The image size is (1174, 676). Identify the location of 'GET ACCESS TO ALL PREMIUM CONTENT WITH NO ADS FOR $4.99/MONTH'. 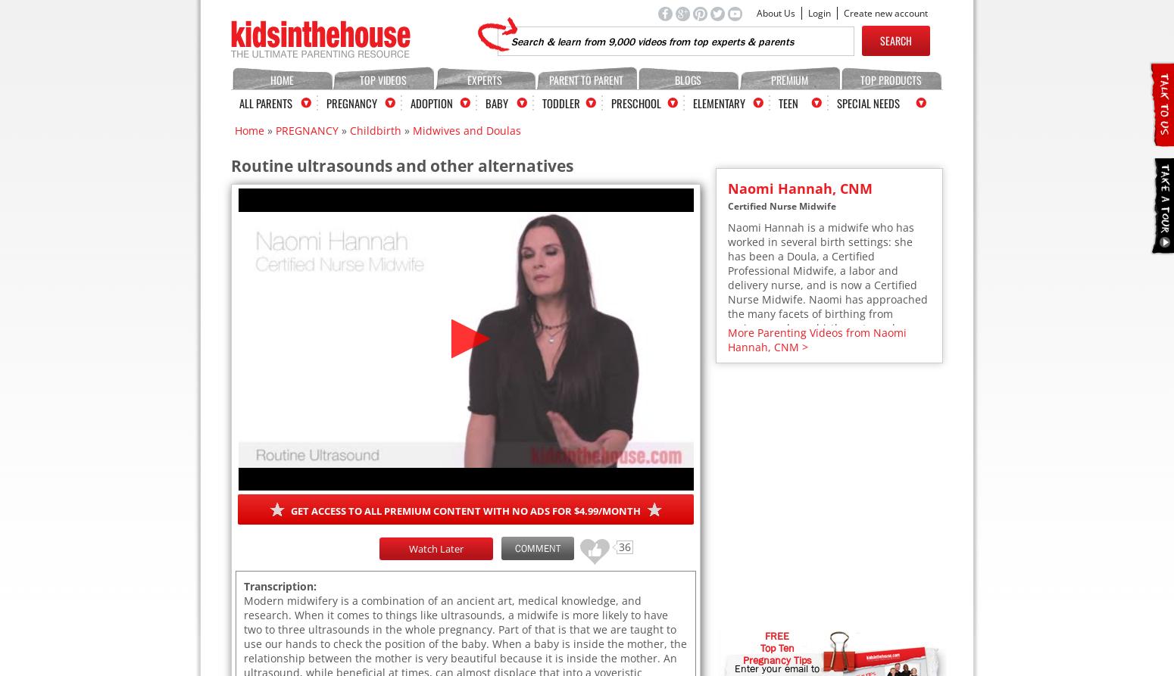
(466, 511).